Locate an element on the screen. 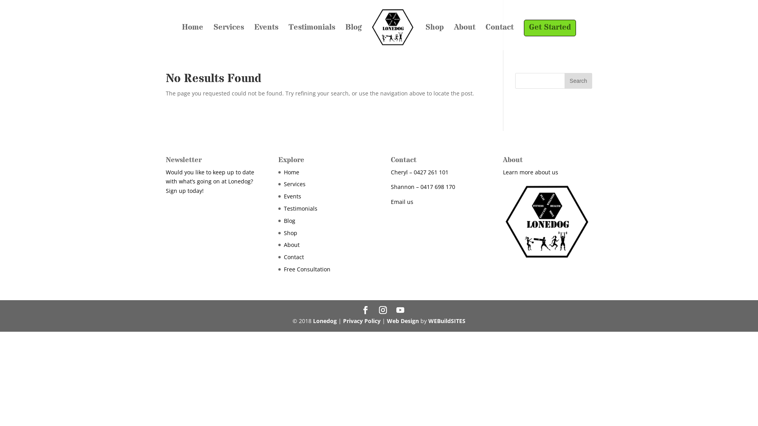  'Privacy Policy' is located at coordinates (361, 321).